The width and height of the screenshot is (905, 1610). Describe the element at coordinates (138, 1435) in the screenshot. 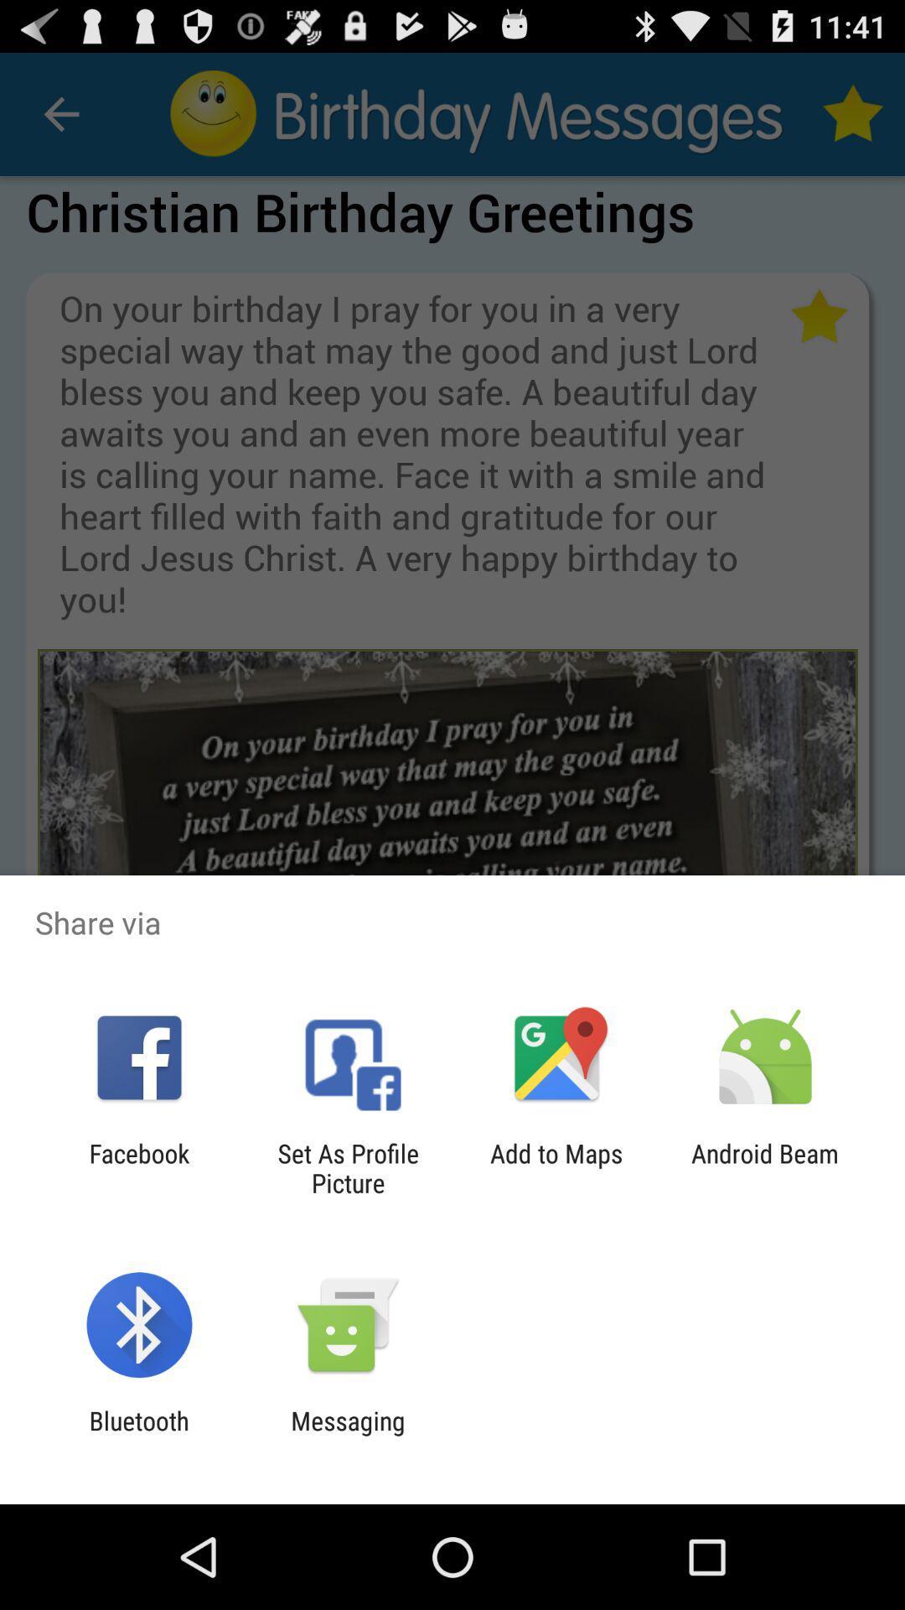

I see `icon to the left of the messaging app` at that location.